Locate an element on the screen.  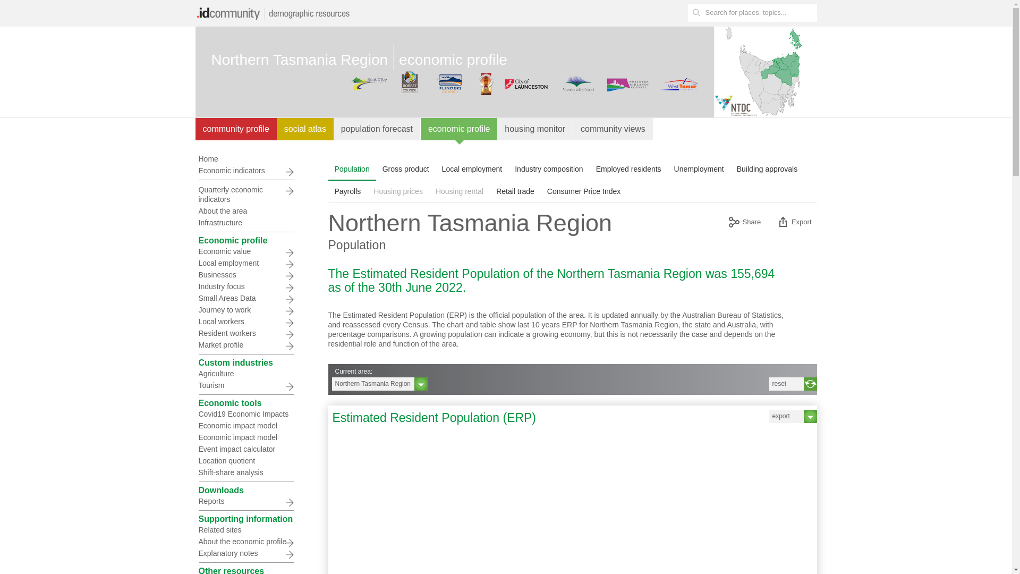
'Covid19 Economic Impacts' is located at coordinates (245, 413).